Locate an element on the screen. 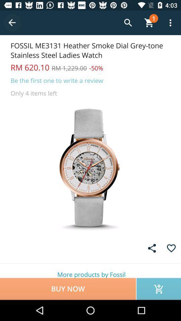  item above more products by is located at coordinates (171, 248).